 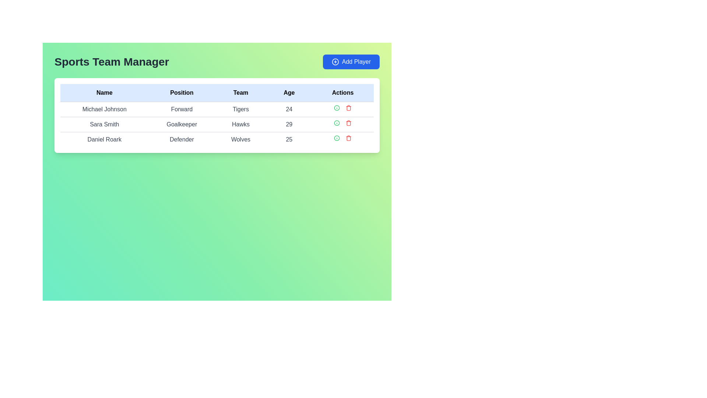 What do you see at coordinates (348, 138) in the screenshot?
I see `the delete button for the entry corresponding to 'Daniel Roark' in the last row of the table` at bounding box center [348, 138].